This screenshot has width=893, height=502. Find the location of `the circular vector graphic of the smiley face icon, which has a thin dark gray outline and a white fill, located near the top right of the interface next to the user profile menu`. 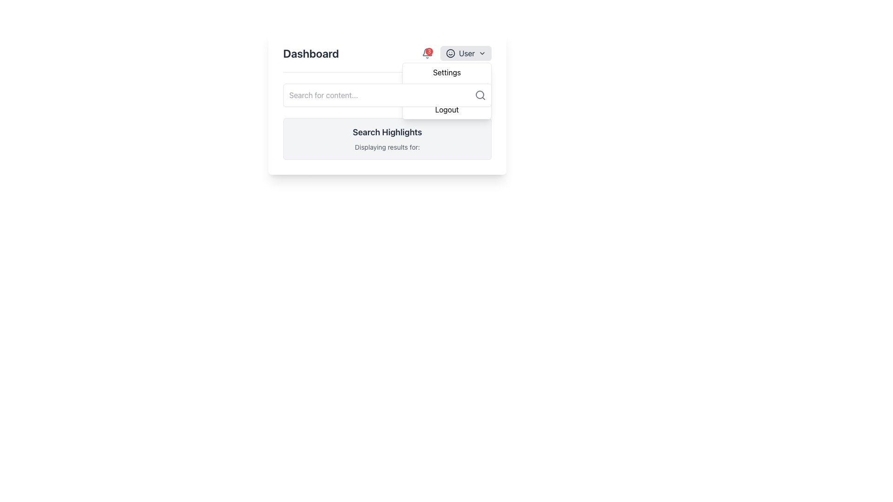

the circular vector graphic of the smiley face icon, which has a thin dark gray outline and a white fill, located near the top right of the interface next to the user profile menu is located at coordinates (450, 53).